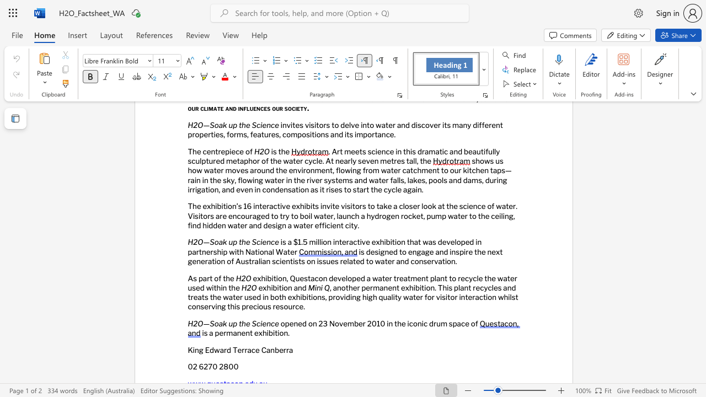  I want to click on the subset text "00" within the text "02 6270 2800", so click(228, 367).